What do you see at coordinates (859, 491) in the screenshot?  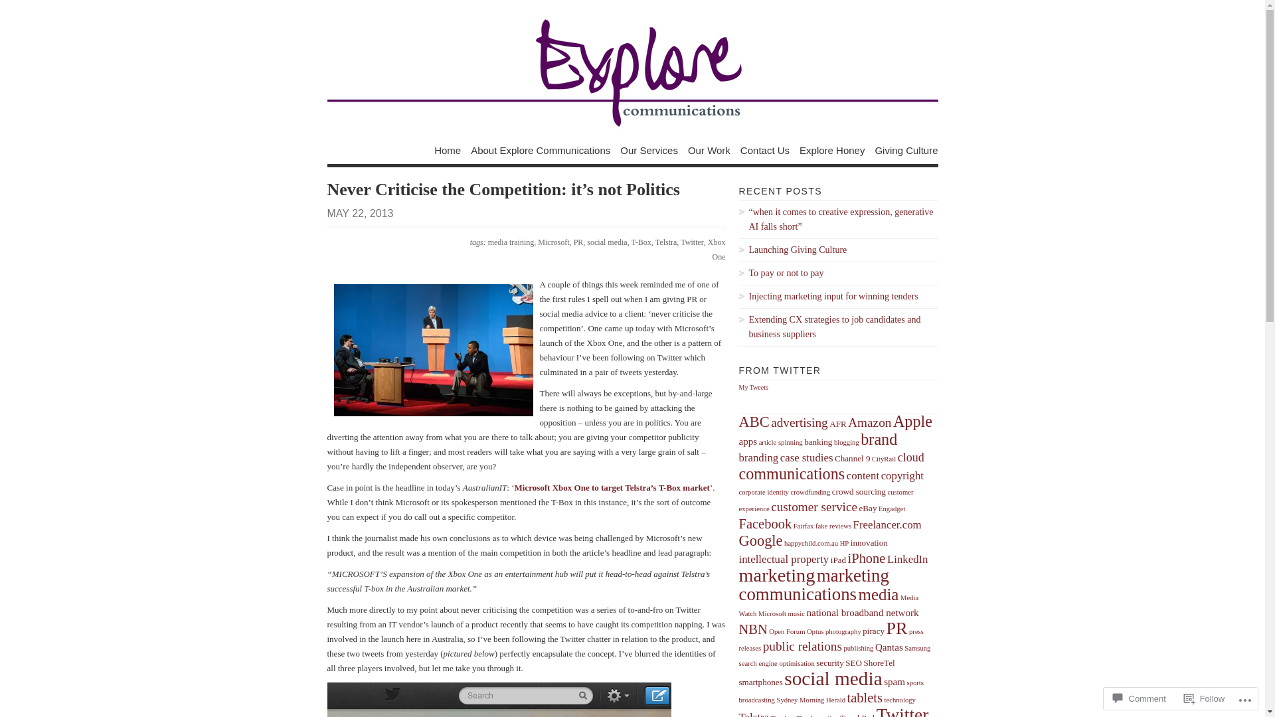 I see `'crowd sourcing'` at bounding box center [859, 491].